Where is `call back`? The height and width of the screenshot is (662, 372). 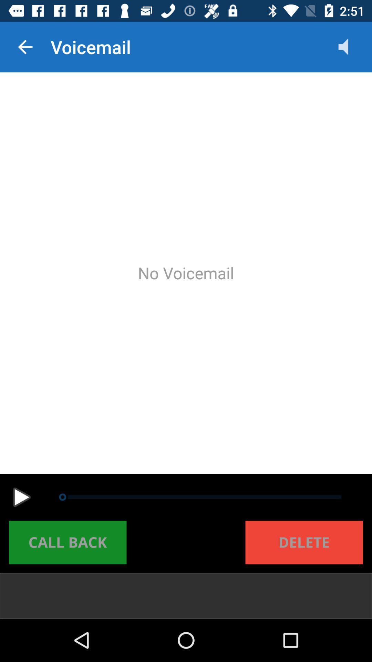
call back is located at coordinates (68, 542).